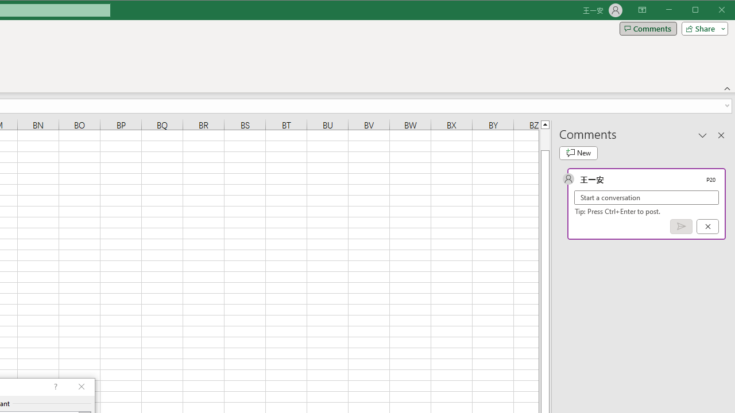  What do you see at coordinates (647, 197) in the screenshot?
I see `'Start a conversation'` at bounding box center [647, 197].